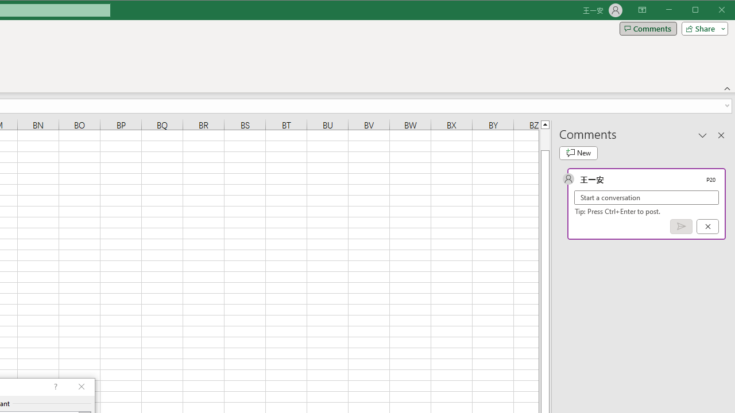  What do you see at coordinates (647, 197) in the screenshot?
I see `'Start a conversation'` at bounding box center [647, 197].